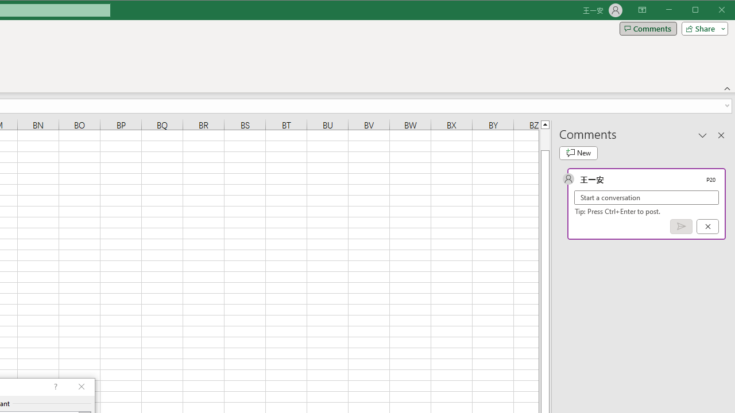  What do you see at coordinates (647, 197) in the screenshot?
I see `'Start a conversation'` at bounding box center [647, 197].